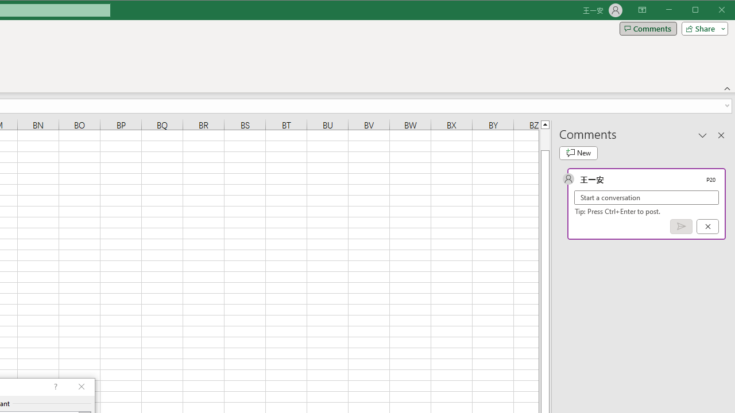  What do you see at coordinates (647, 197) in the screenshot?
I see `'Start a conversation'` at bounding box center [647, 197].